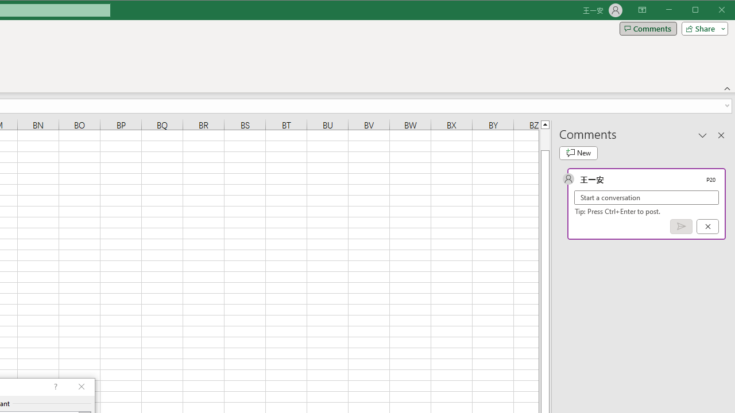  What do you see at coordinates (647, 197) in the screenshot?
I see `'Start a conversation'` at bounding box center [647, 197].